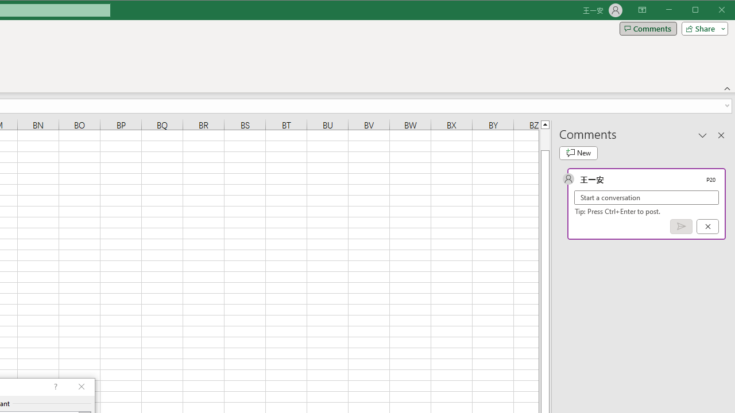  What do you see at coordinates (647, 197) in the screenshot?
I see `'Start a conversation'` at bounding box center [647, 197].